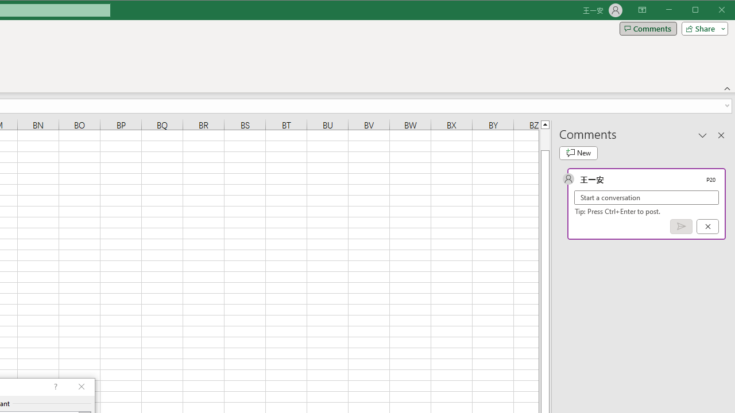  What do you see at coordinates (647, 197) in the screenshot?
I see `'Start a conversation'` at bounding box center [647, 197].